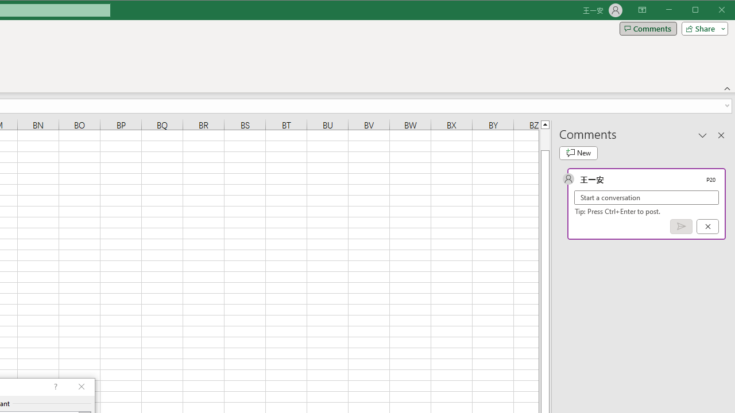  What do you see at coordinates (647, 197) in the screenshot?
I see `'Start a conversation'` at bounding box center [647, 197].